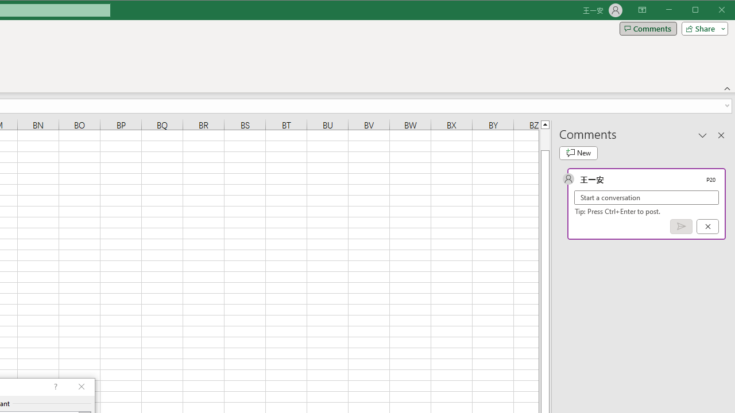  What do you see at coordinates (647, 197) in the screenshot?
I see `'Start a conversation'` at bounding box center [647, 197].